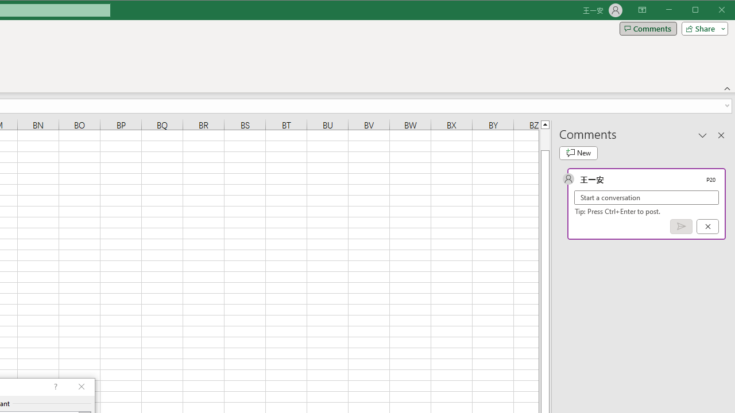  What do you see at coordinates (647, 197) in the screenshot?
I see `'Start a conversation'` at bounding box center [647, 197].